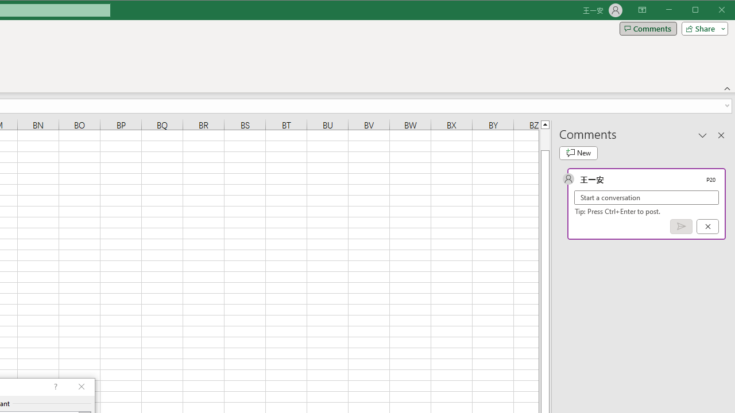  What do you see at coordinates (647, 197) in the screenshot?
I see `'Start a conversation'` at bounding box center [647, 197].